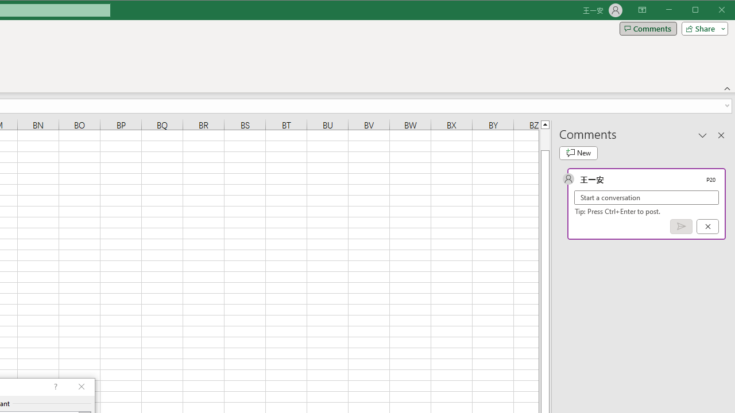  What do you see at coordinates (647, 197) in the screenshot?
I see `'Start a conversation'` at bounding box center [647, 197].